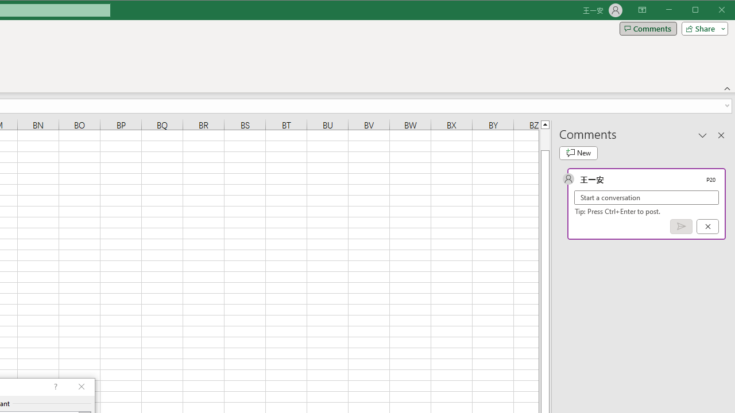  What do you see at coordinates (647, 197) in the screenshot?
I see `'Start a conversation'` at bounding box center [647, 197].